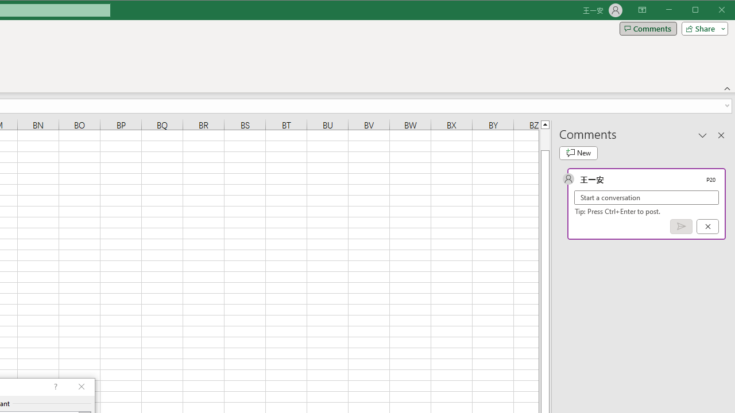  What do you see at coordinates (647, 197) in the screenshot?
I see `'Start a conversation'` at bounding box center [647, 197].